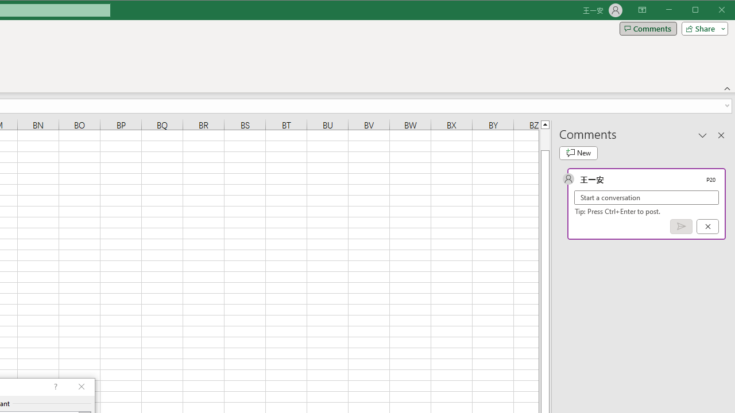  What do you see at coordinates (647, 197) in the screenshot?
I see `'Start a conversation'` at bounding box center [647, 197].